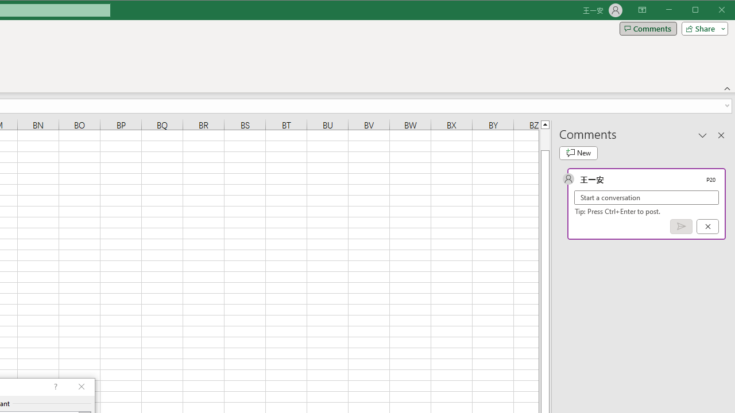  What do you see at coordinates (647, 197) in the screenshot?
I see `'Start a conversation'` at bounding box center [647, 197].